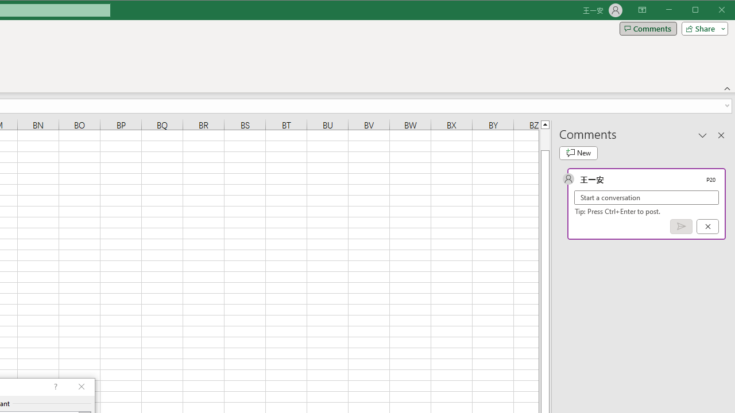  What do you see at coordinates (647, 197) in the screenshot?
I see `'Start a conversation'` at bounding box center [647, 197].